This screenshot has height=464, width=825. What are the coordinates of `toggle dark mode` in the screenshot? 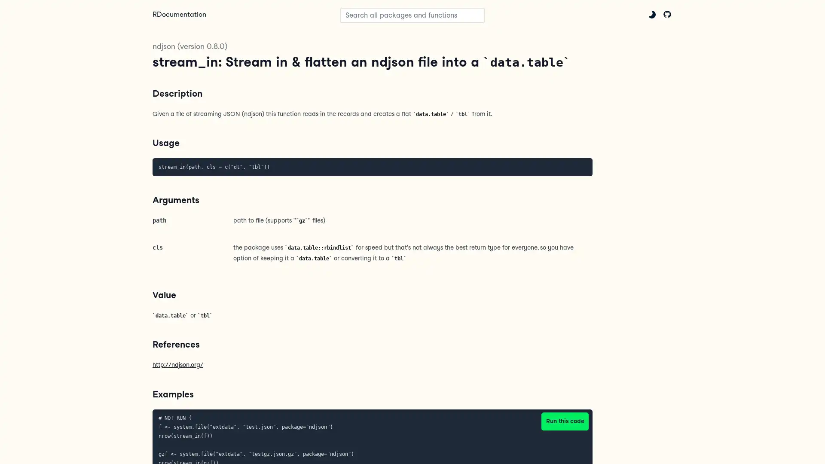 It's located at (652, 14).